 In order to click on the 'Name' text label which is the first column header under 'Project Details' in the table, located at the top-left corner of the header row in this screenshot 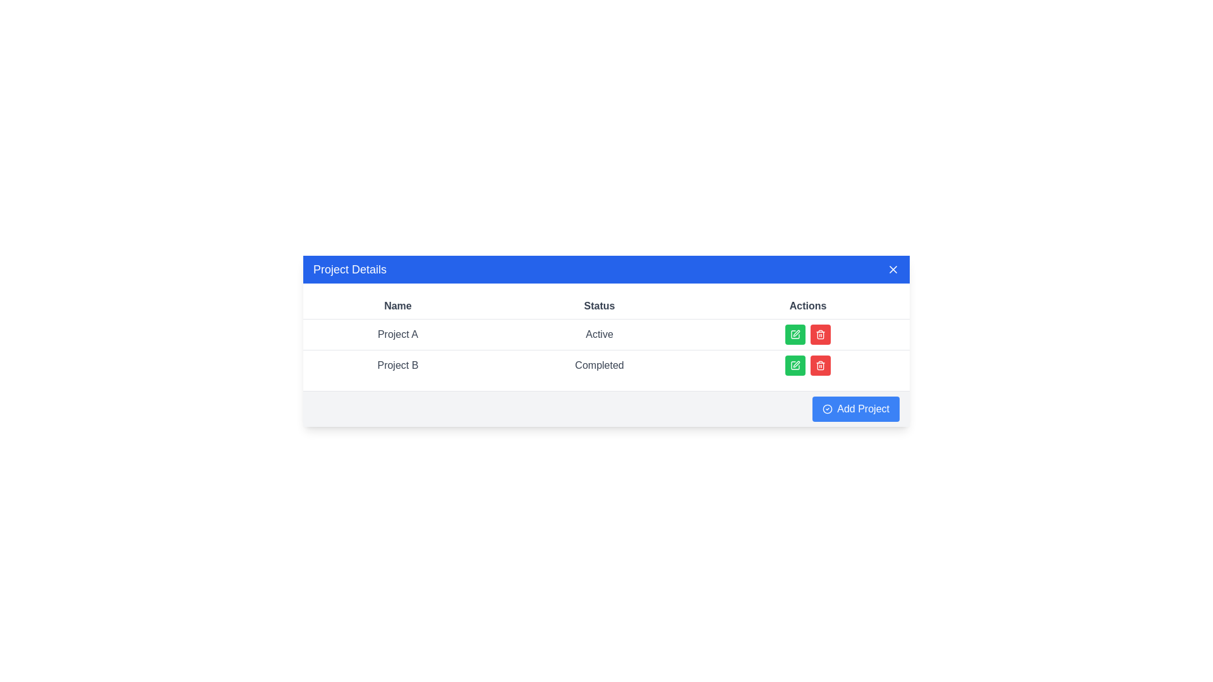, I will do `click(397, 306)`.